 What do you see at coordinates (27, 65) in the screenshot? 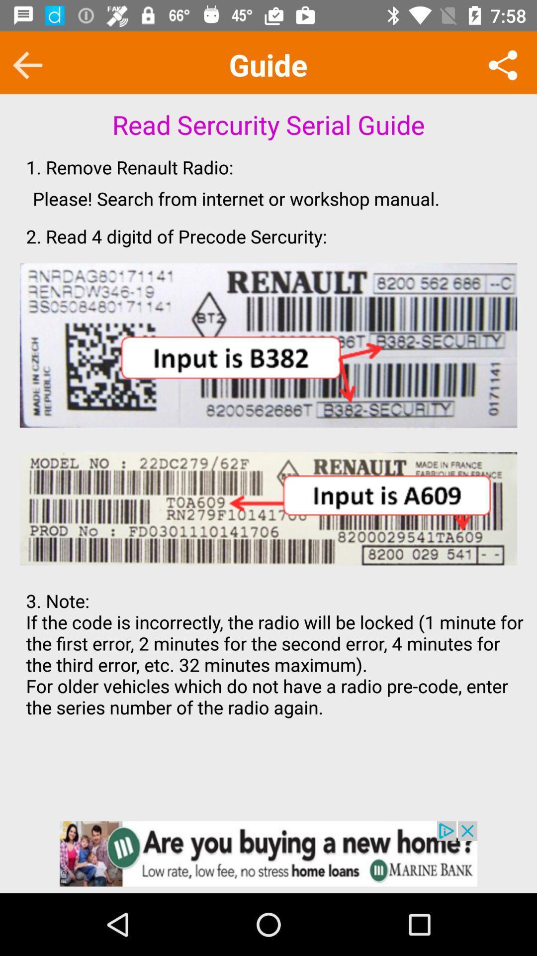
I see `the arrow_backward icon` at bounding box center [27, 65].